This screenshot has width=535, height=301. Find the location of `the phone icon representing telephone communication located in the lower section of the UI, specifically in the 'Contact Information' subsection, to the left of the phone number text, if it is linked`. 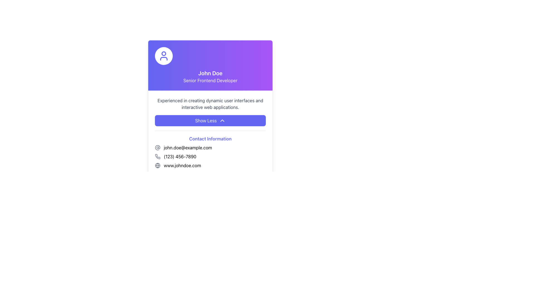

the phone icon representing telephone communication located in the lower section of the UI, specifically in the 'Contact Information' subsection, to the left of the phone number text, if it is linked is located at coordinates (157, 156).